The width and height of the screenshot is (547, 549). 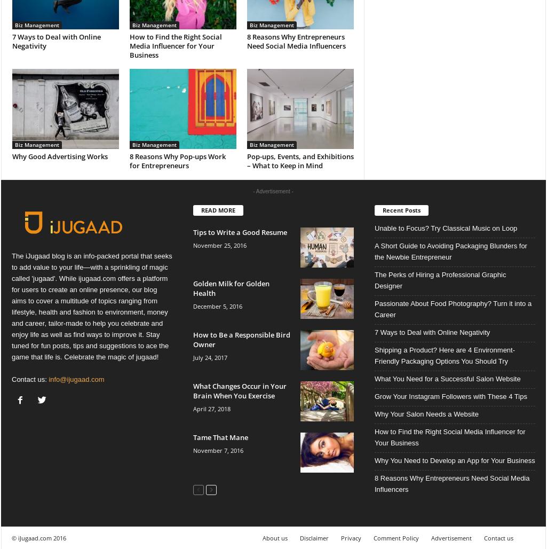 What do you see at coordinates (75, 379) in the screenshot?
I see `'info@ijugaad.com'` at bounding box center [75, 379].